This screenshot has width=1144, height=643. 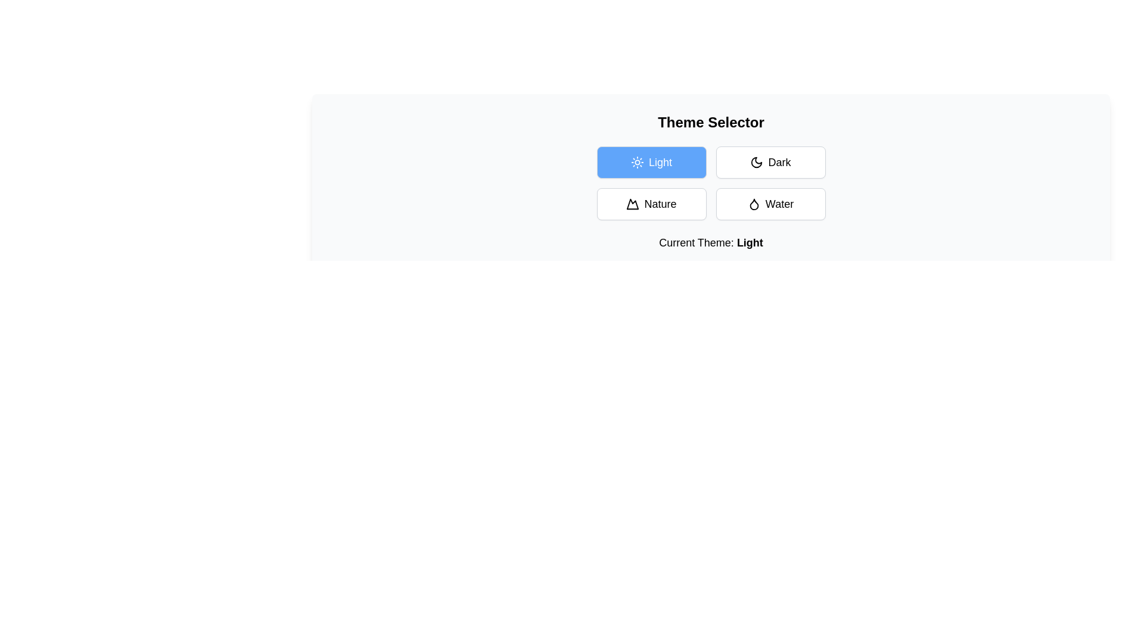 What do you see at coordinates (711, 122) in the screenshot?
I see `the bold text label displaying 'Theme Selector', which is prominently positioned at the top-center of the theme selection interface` at bounding box center [711, 122].